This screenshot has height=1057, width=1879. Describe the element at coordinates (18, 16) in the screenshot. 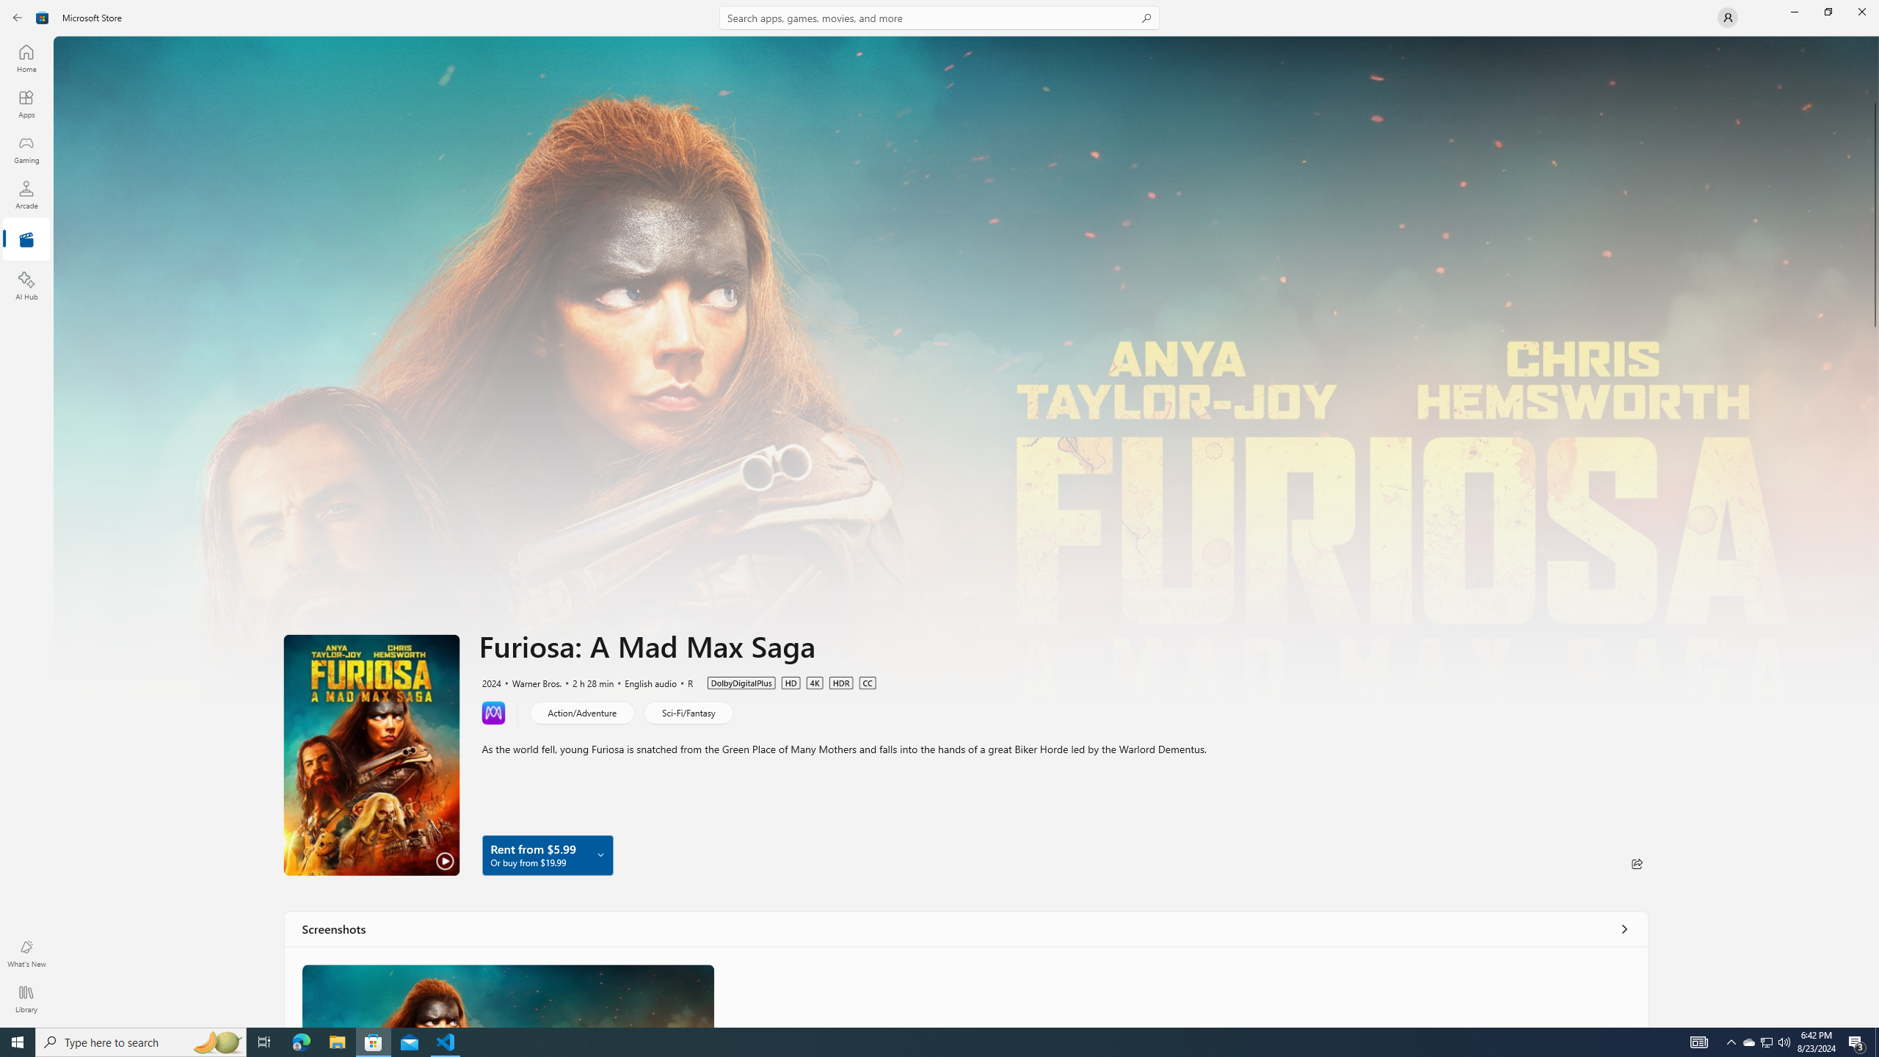

I see `'Back'` at that location.